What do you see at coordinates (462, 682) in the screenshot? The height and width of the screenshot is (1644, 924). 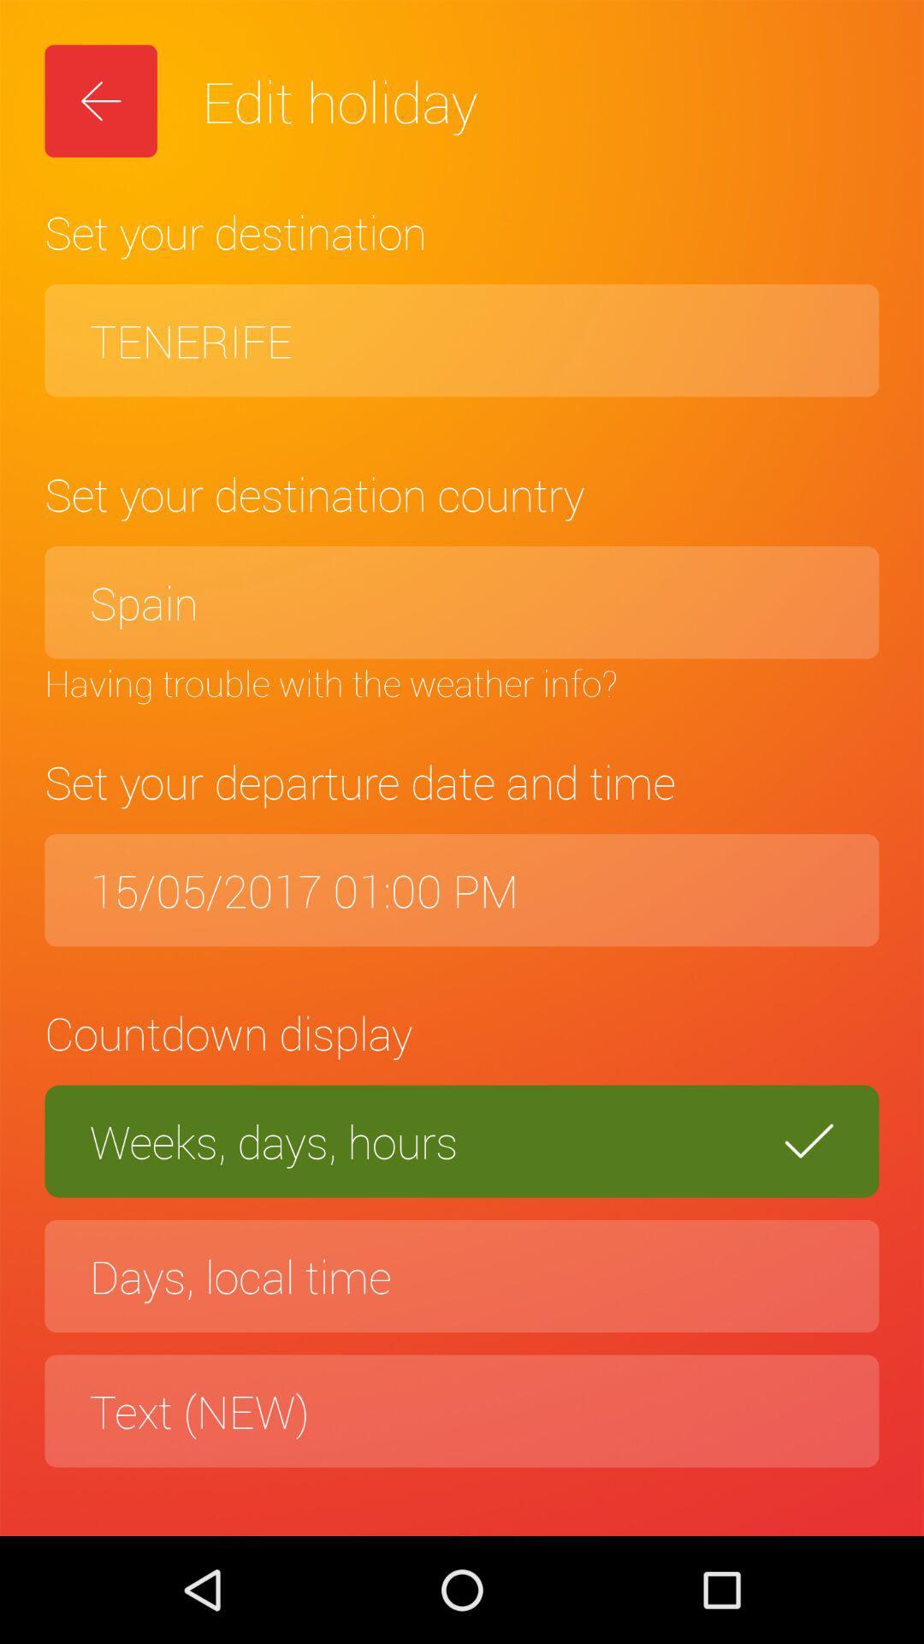 I see `item above the set your departure` at bounding box center [462, 682].